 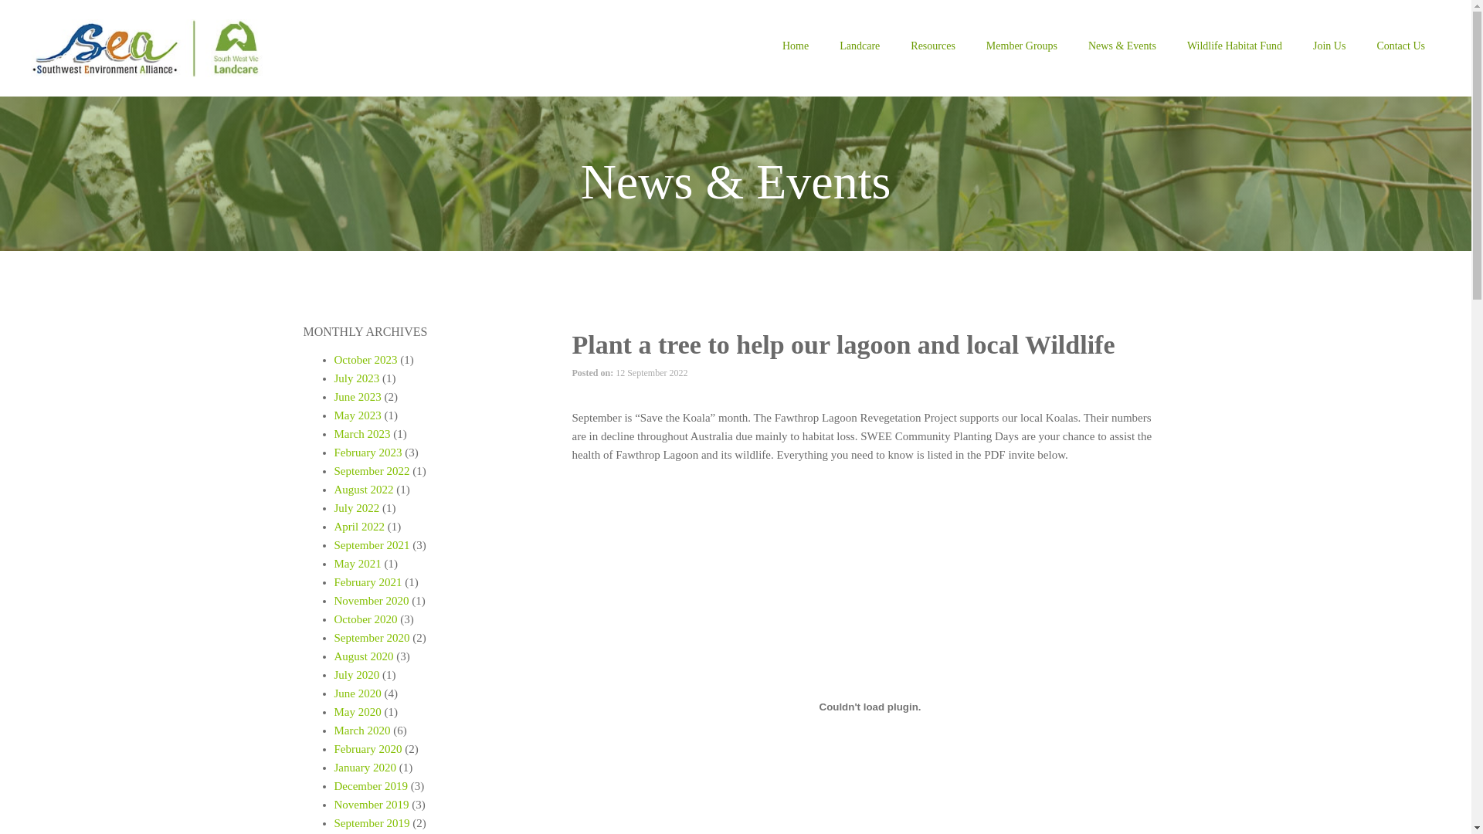 What do you see at coordinates (369, 786) in the screenshot?
I see `'December 2019'` at bounding box center [369, 786].